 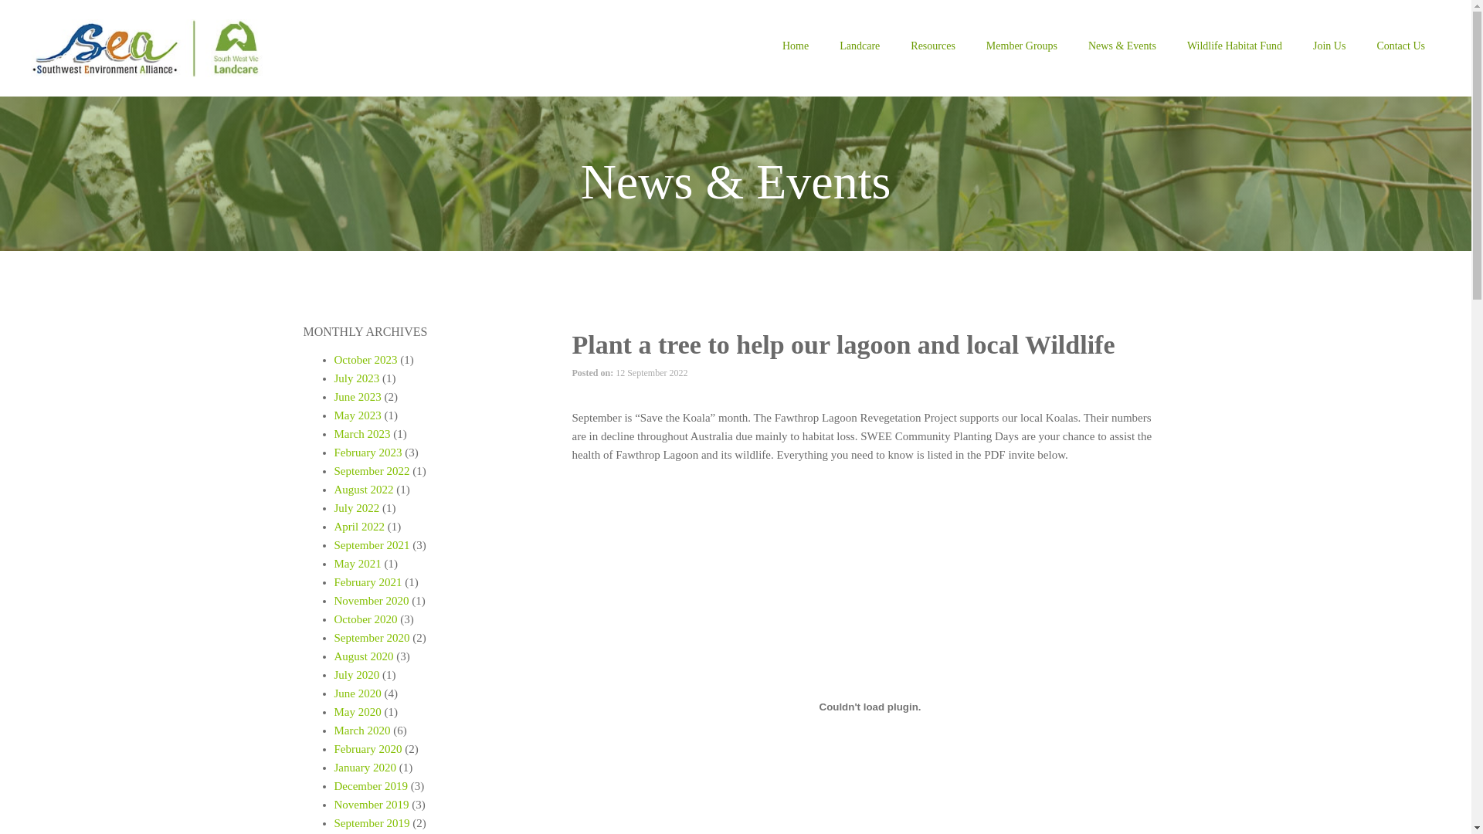 What do you see at coordinates (369, 786) in the screenshot?
I see `'December 2019'` at bounding box center [369, 786].